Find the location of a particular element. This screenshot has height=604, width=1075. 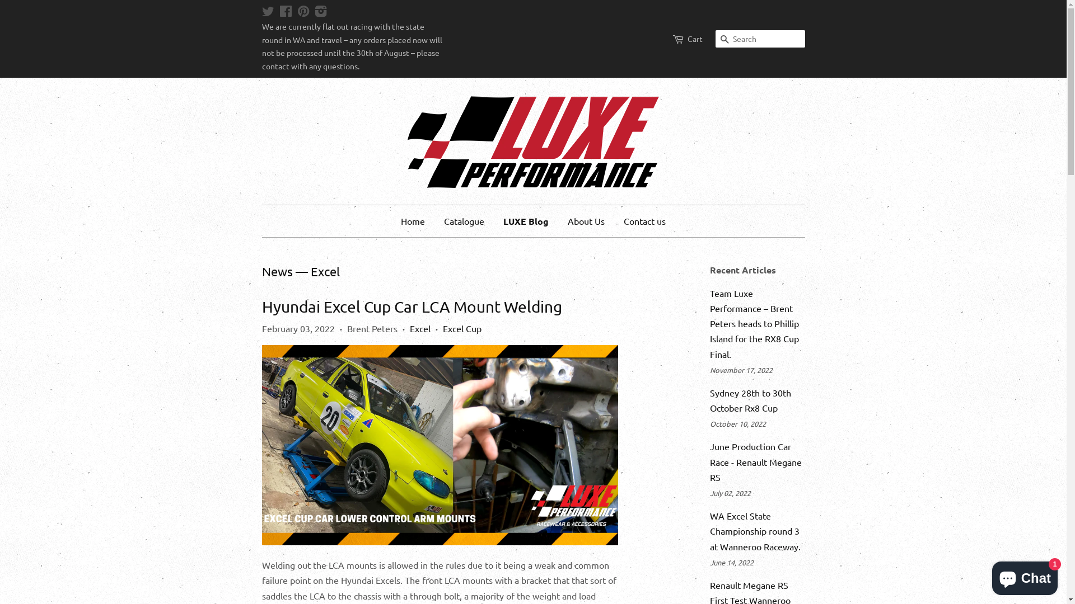

'Excel Cup' is located at coordinates (461, 327).